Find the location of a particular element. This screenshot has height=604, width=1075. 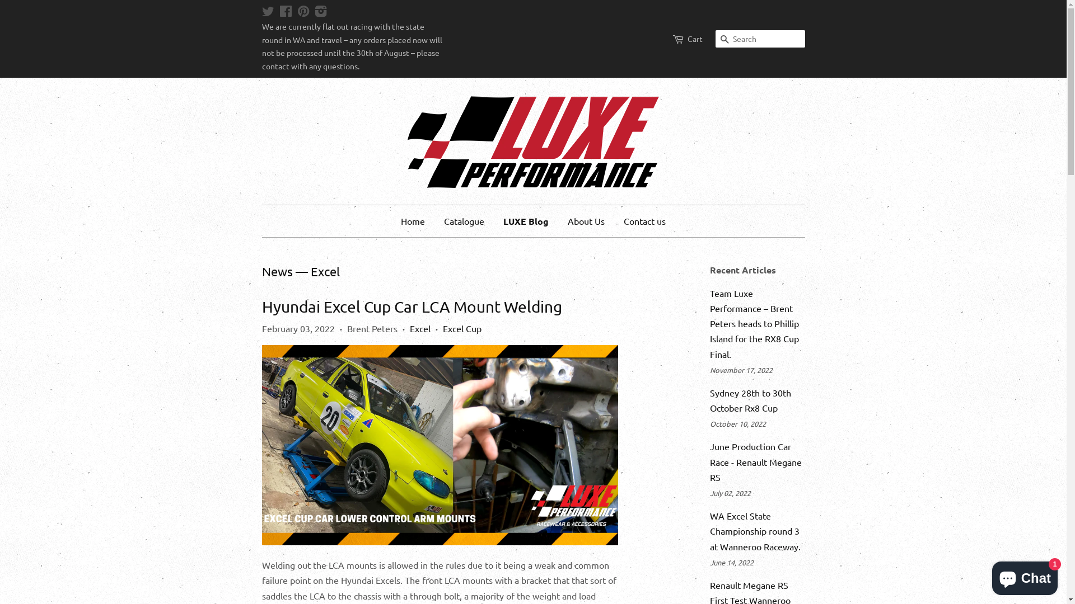

'Excel Cup' is located at coordinates (461, 327).